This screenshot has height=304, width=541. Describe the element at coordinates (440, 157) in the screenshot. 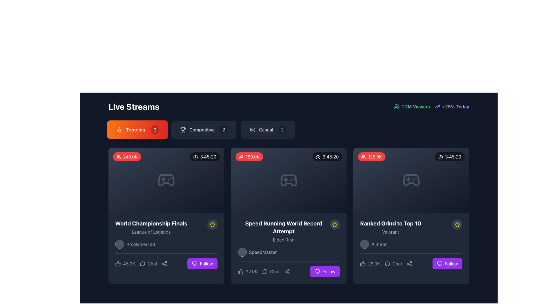

I see `the clock icon located in the top-right area of the card, next to the time text '3:45:20'` at that location.